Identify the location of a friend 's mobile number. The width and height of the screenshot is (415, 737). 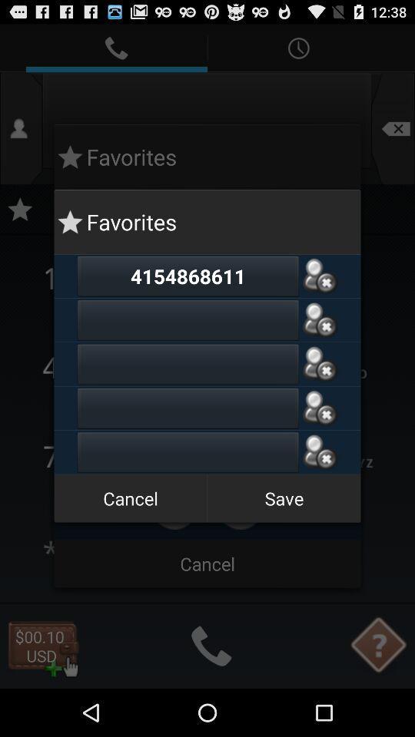
(188, 407).